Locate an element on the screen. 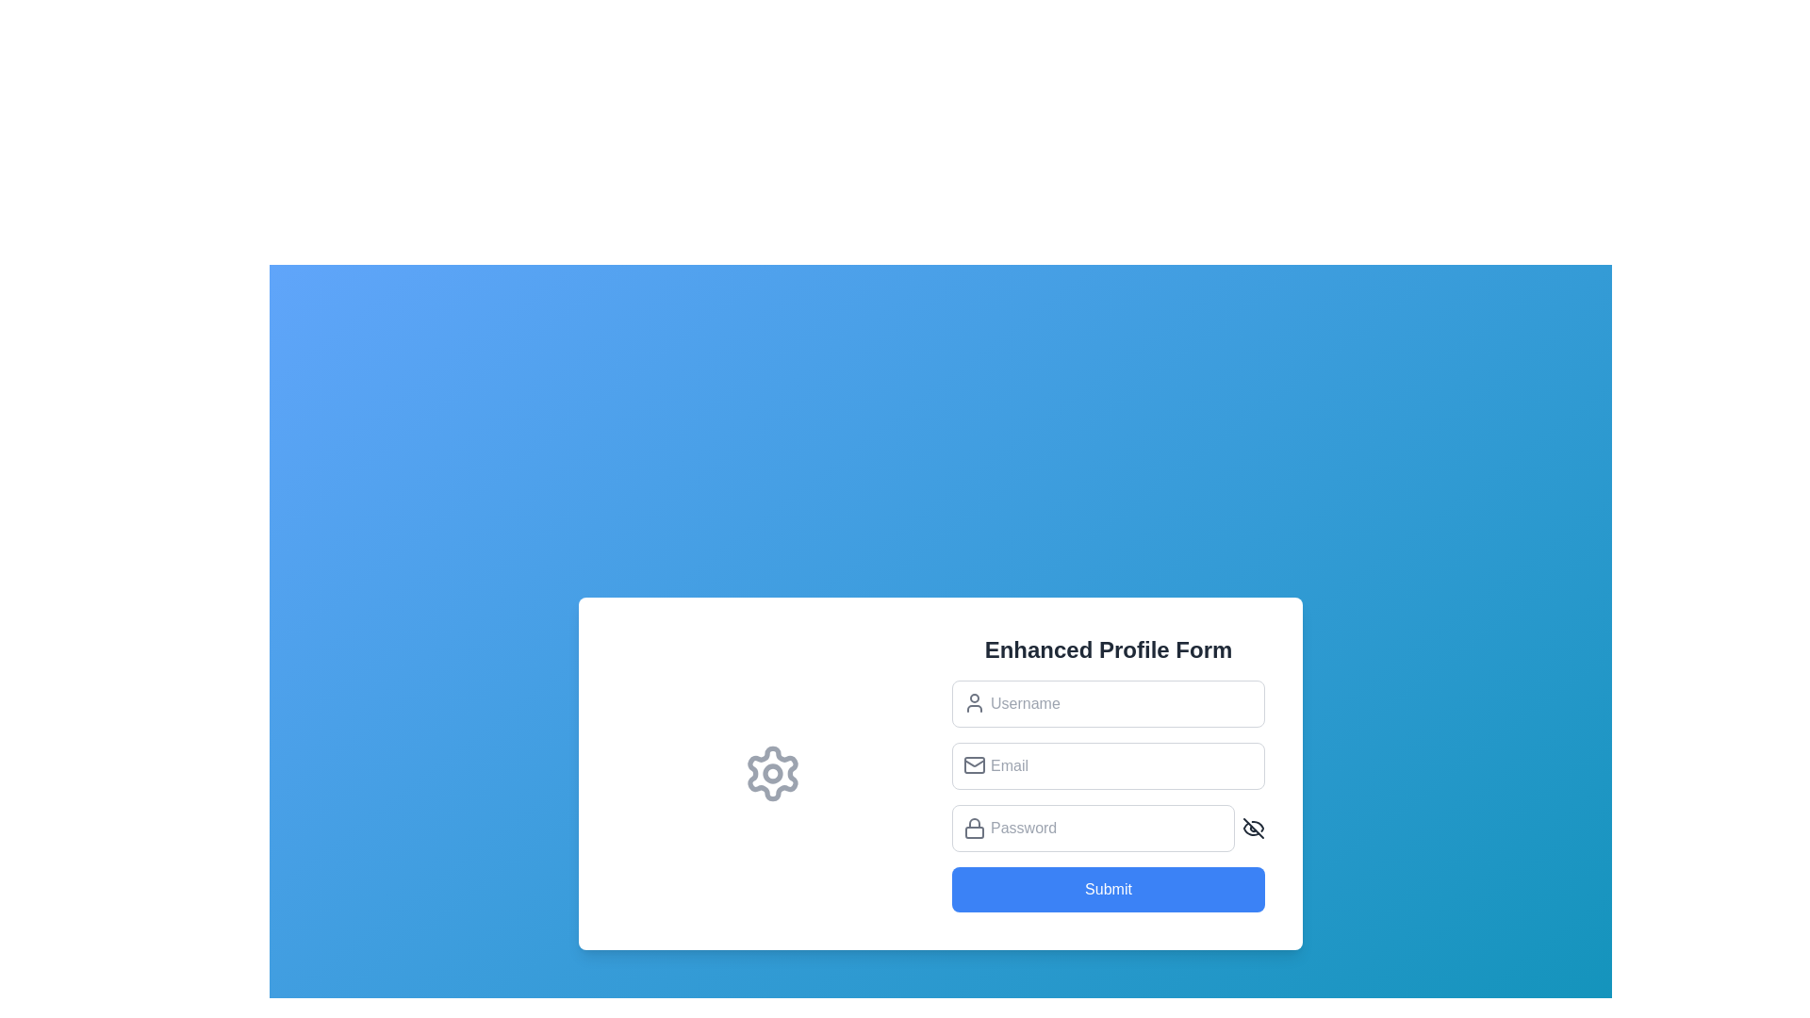 This screenshot has width=1810, height=1018. the prominent 'Submit' button with a vibrant blue background and white text to trigger its hover effect, changing its color to a darker shade of blue is located at coordinates (1109, 890).